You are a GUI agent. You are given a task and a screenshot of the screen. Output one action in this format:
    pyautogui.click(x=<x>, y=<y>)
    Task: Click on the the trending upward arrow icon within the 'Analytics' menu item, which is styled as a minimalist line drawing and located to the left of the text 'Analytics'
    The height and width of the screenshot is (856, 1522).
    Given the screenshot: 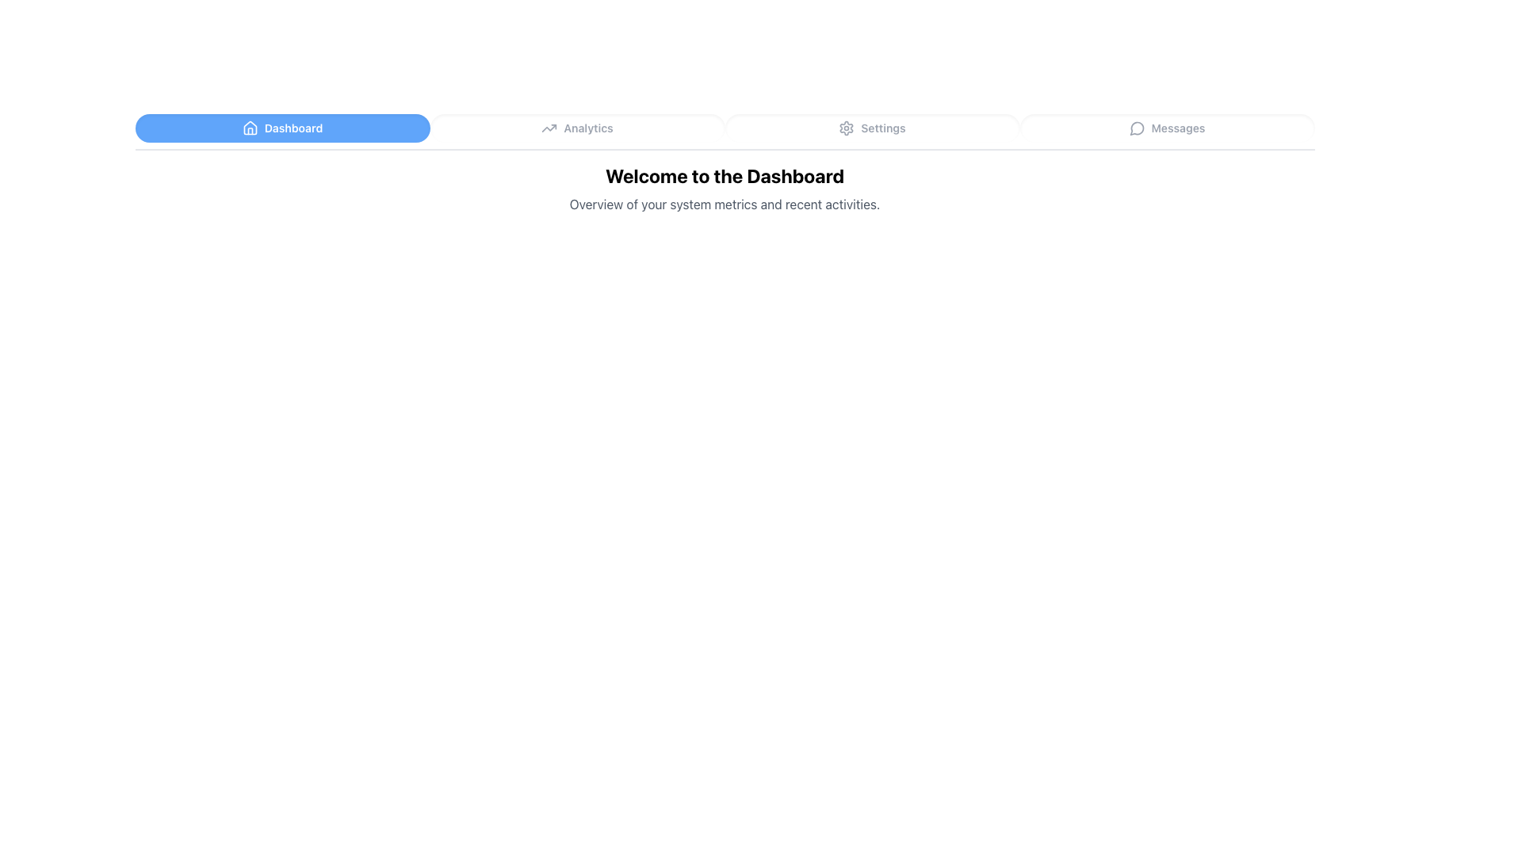 What is the action you would take?
    pyautogui.click(x=549, y=128)
    